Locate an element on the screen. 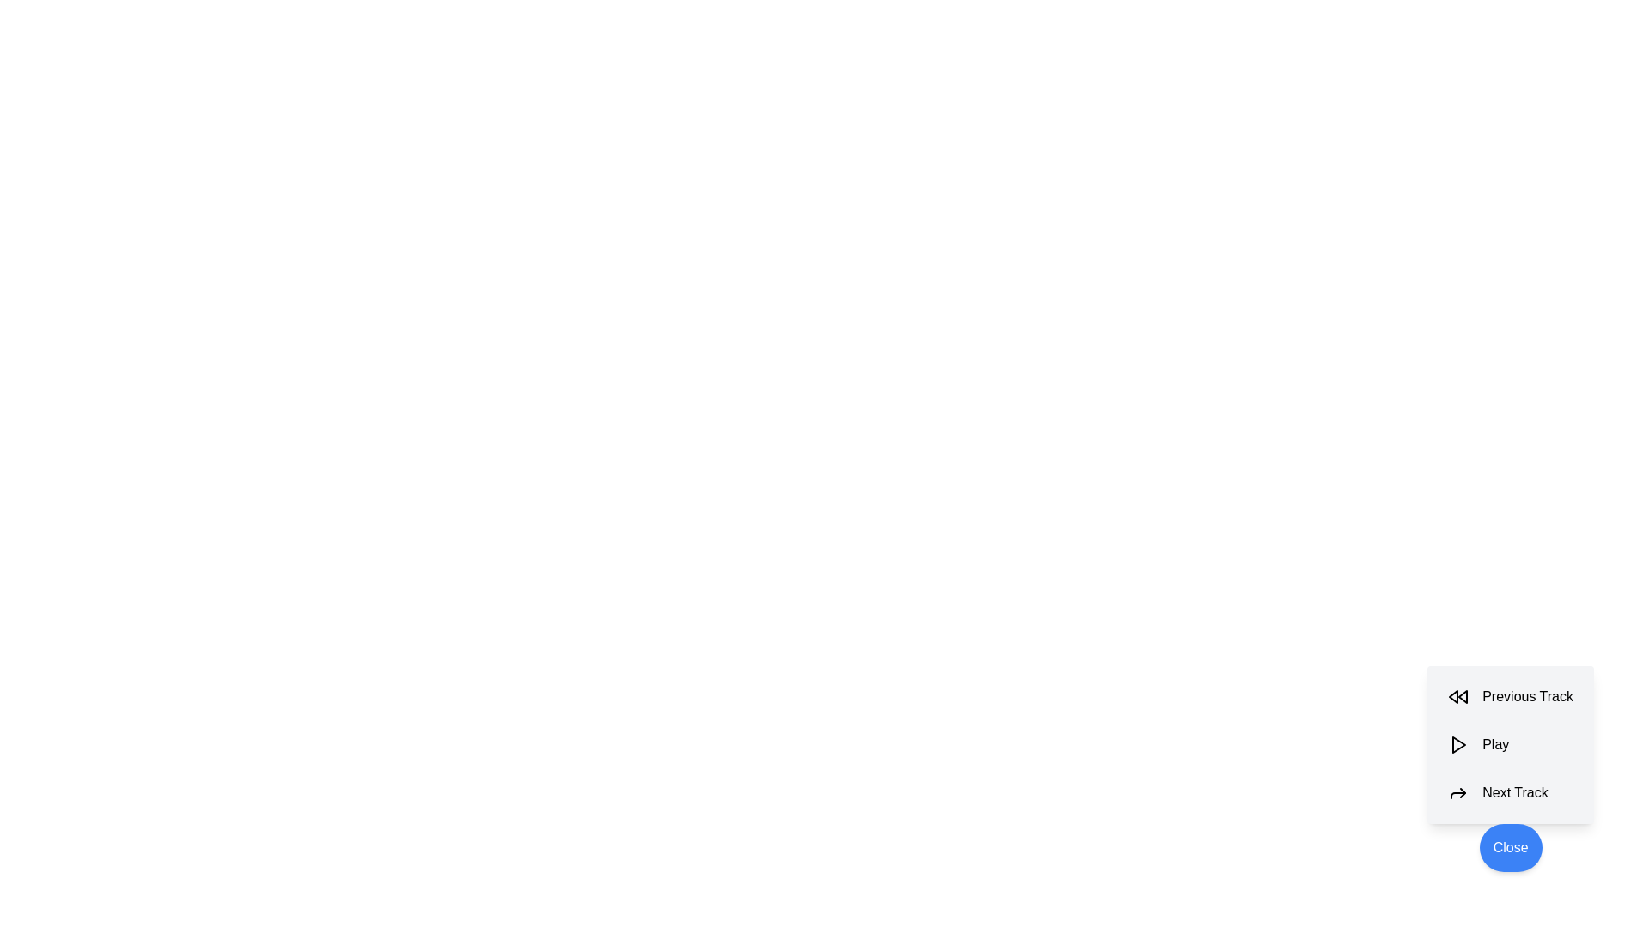 The image size is (1649, 927). the 'Previous Track' label in the playback control menu, which indicates its function to navigate to the previous track in a media playlist is located at coordinates (1528, 697).